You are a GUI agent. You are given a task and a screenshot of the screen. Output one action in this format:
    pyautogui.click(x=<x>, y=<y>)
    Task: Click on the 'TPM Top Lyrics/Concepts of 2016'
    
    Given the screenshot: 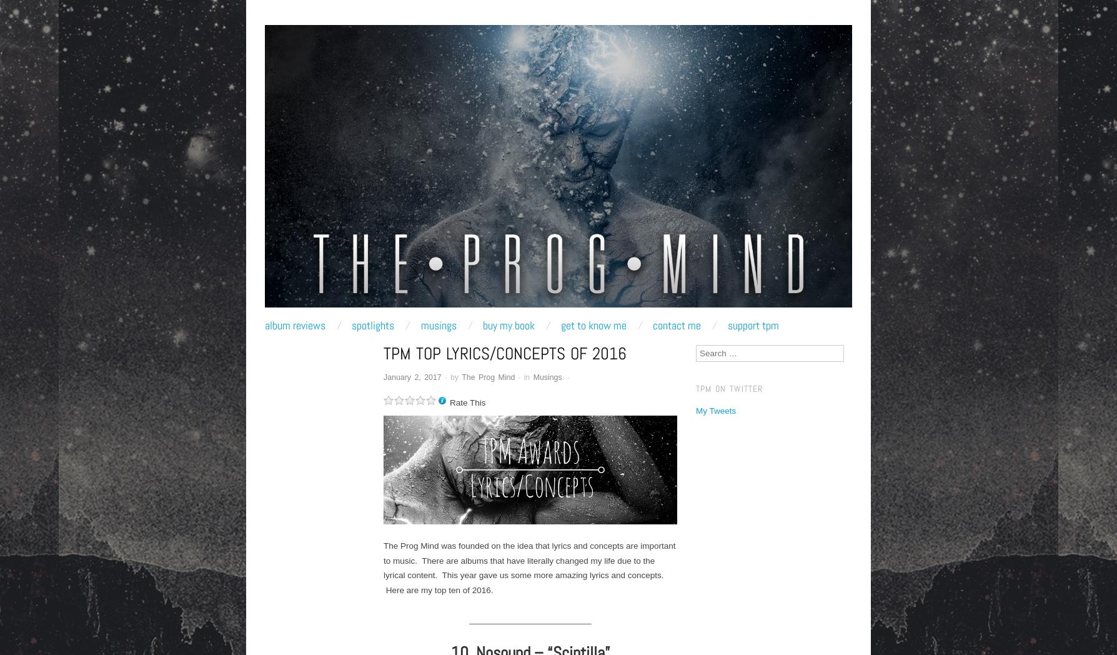 What is the action you would take?
    pyautogui.click(x=504, y=352)
    